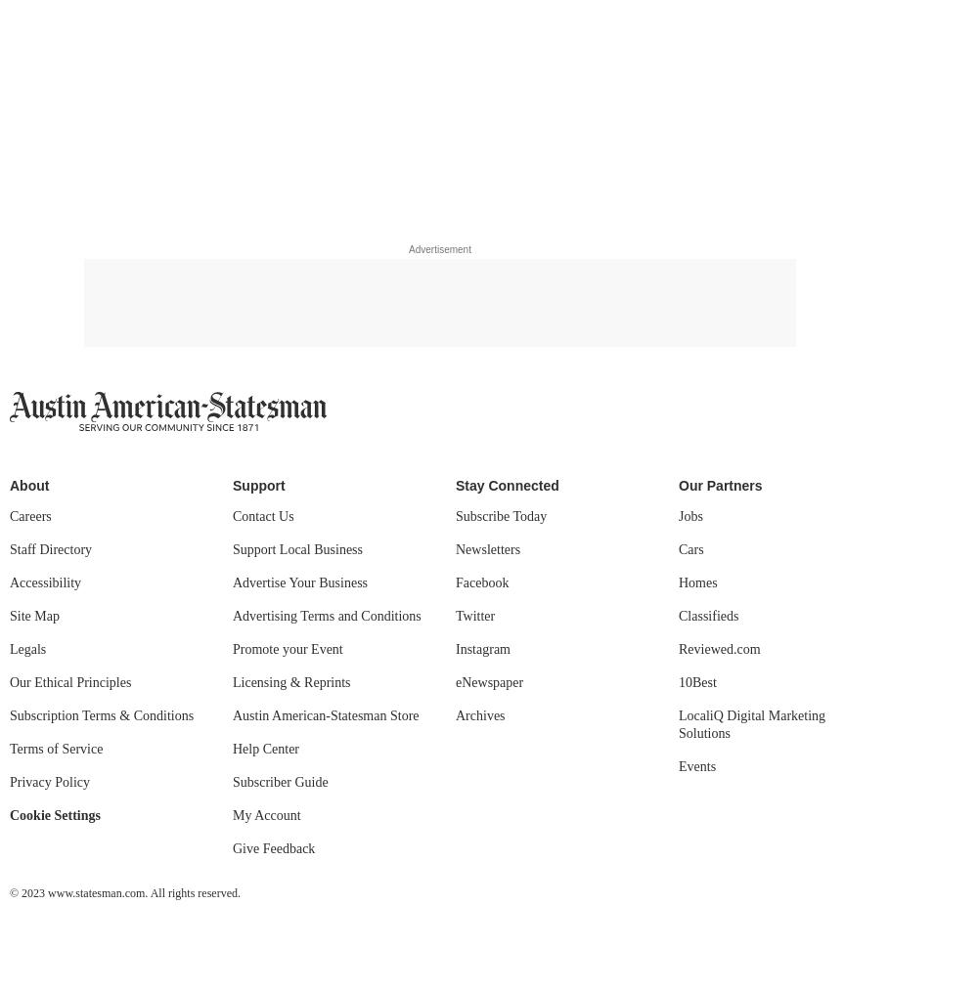 The width and height of the screenshot is (978, 991). What do you see at coordinates (678, 681) in the screenshot?
I see `'10Best'` at bounding box center [678, 681].